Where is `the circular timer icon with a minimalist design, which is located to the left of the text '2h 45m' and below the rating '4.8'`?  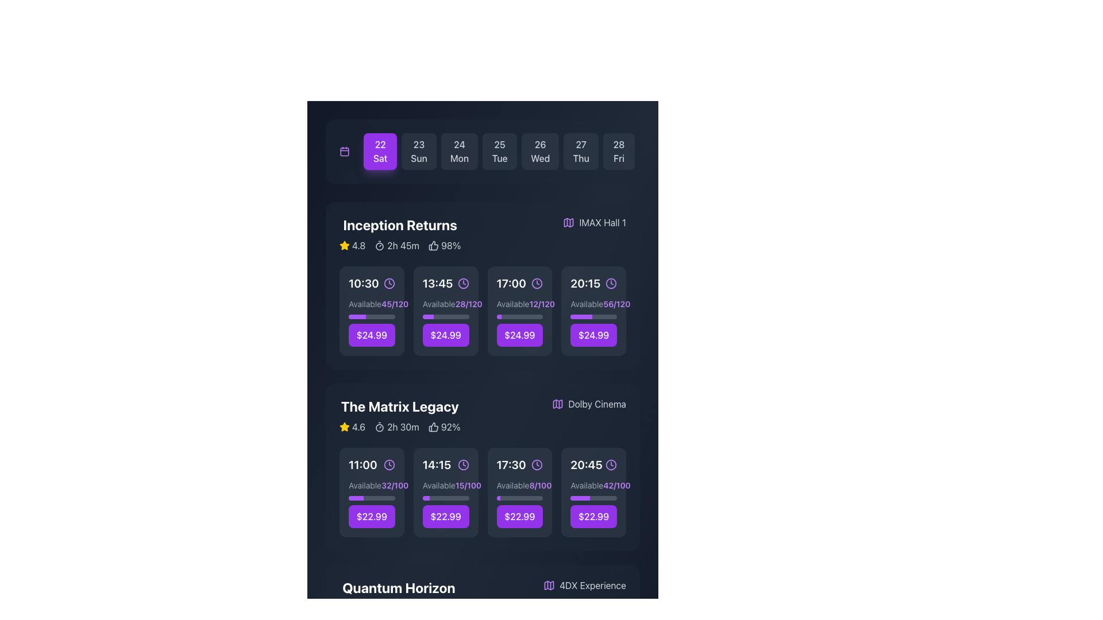
the circular timer icon with a minimalist design, which is located to the left of the text '2h 45m' and below the rating '4.8' is located at coordinates (380, 245).